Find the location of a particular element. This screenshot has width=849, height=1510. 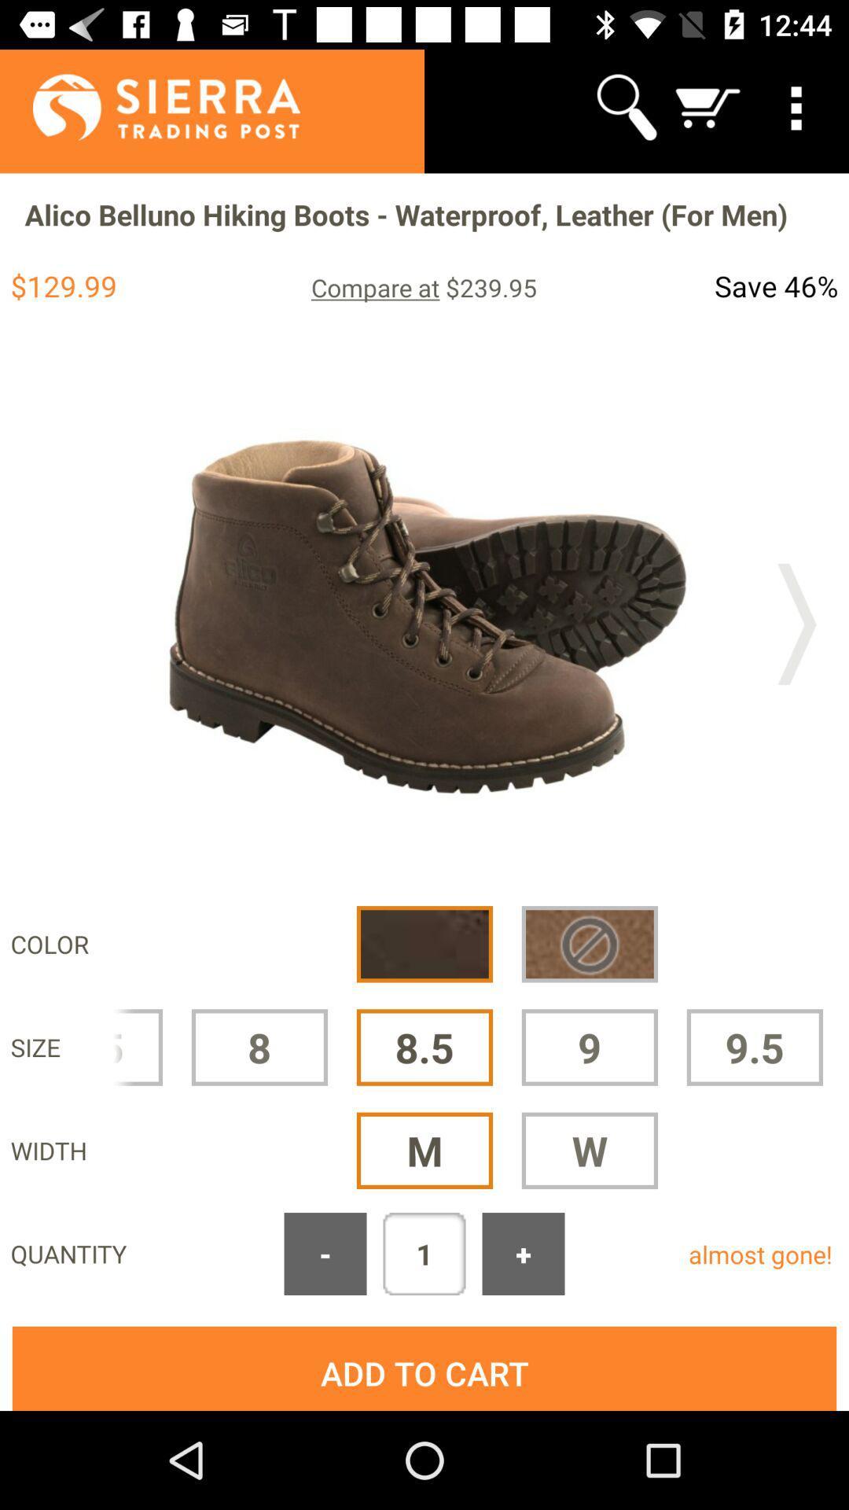

add to cart button is located at coordinates (424, 1368).